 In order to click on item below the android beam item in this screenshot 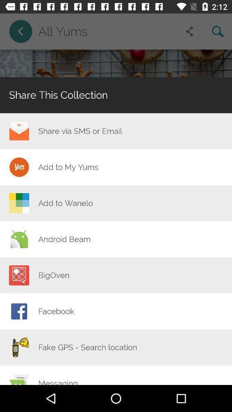, I will do `click(54, 275)`.